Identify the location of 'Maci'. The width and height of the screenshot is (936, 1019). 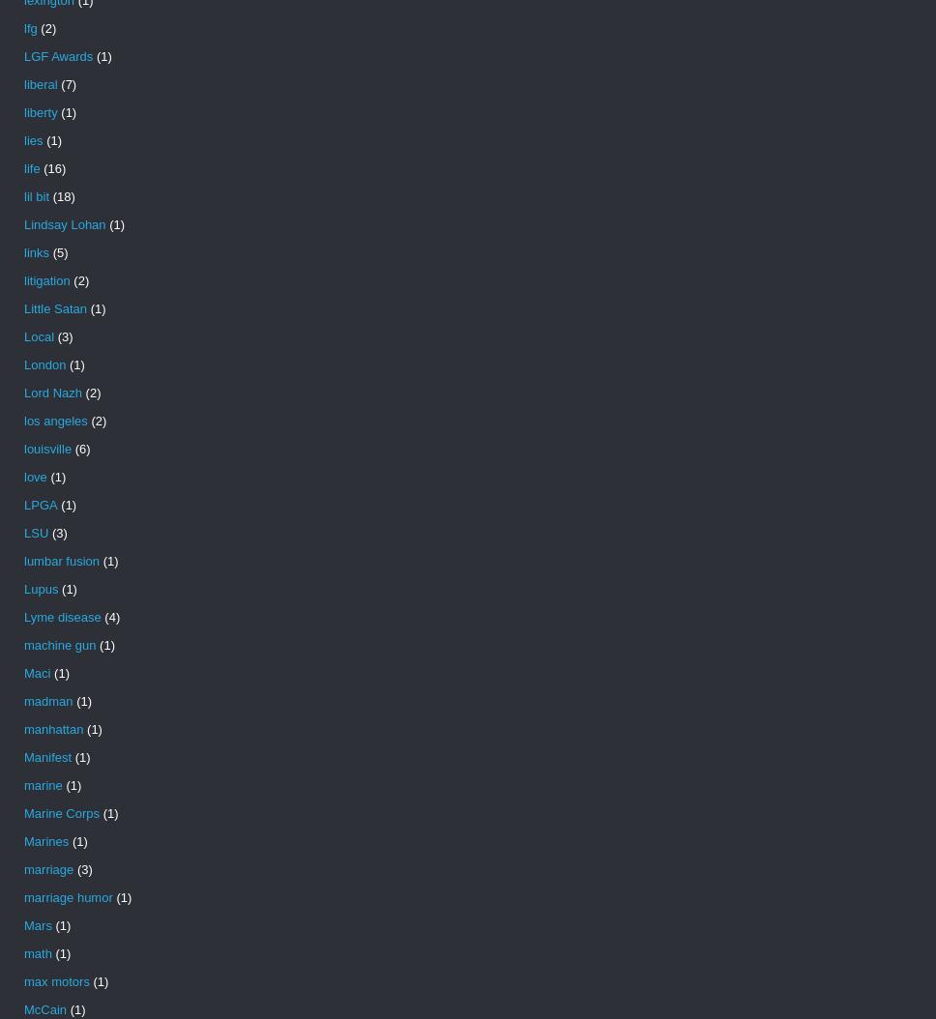
(23, 672).